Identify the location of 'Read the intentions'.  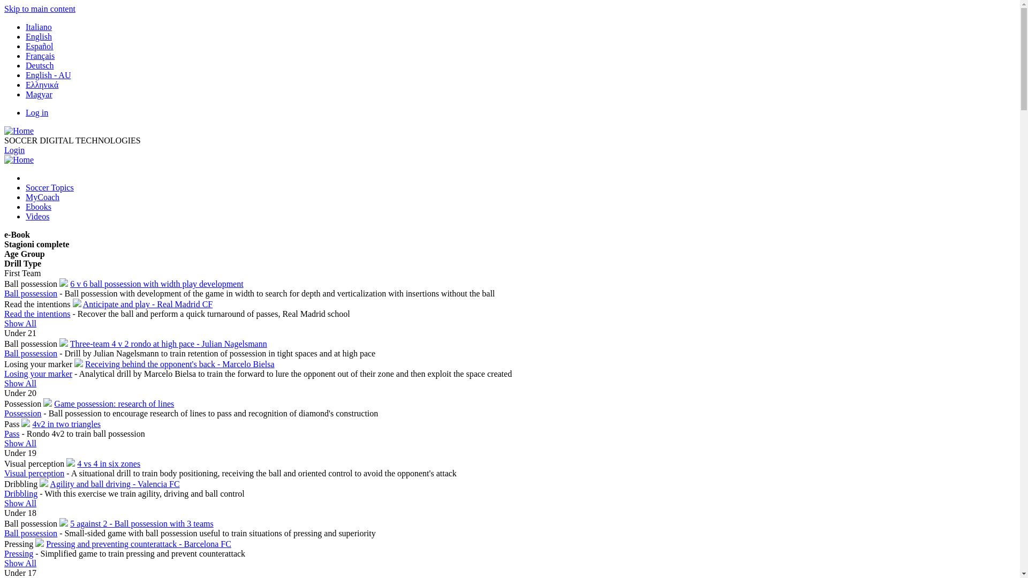
(37, 313).